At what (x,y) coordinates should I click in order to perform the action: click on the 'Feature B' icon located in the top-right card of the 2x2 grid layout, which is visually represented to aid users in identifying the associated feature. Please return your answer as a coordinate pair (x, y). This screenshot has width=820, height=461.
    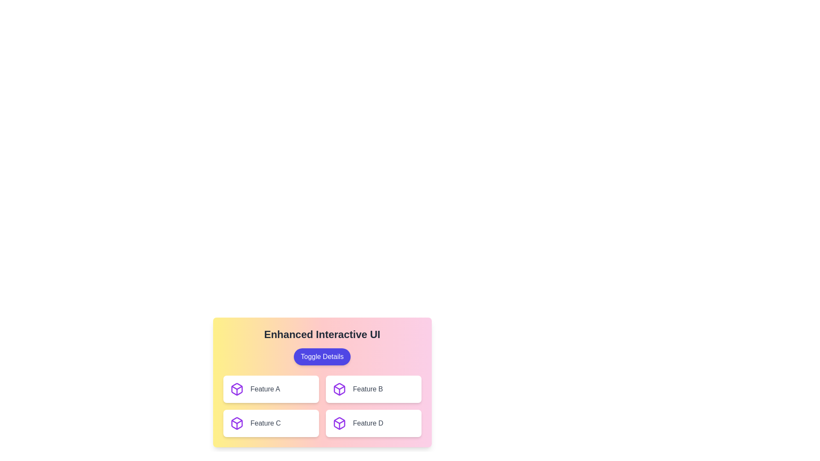
    Looking at the image, I should click on (339, 389).